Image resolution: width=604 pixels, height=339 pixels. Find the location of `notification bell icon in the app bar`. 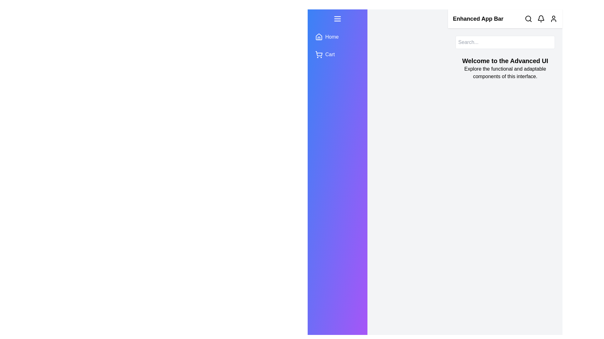

notification bell icon in the app bar is located at coordinates (540, 19).